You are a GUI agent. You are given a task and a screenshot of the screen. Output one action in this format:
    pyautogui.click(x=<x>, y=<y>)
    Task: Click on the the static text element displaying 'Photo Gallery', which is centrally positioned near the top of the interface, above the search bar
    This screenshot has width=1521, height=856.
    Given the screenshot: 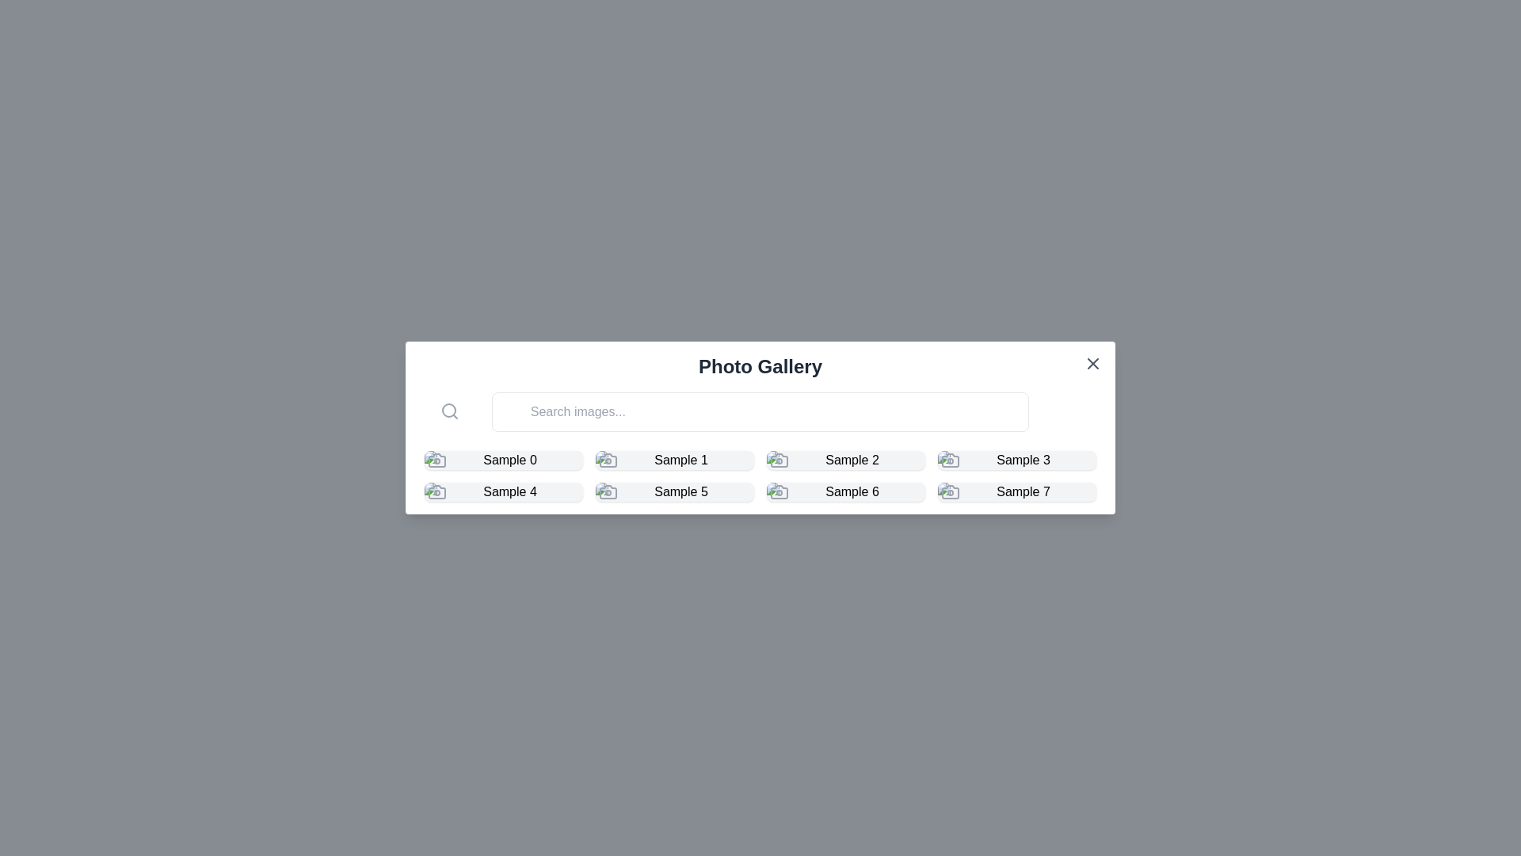 What is the action you would take?
    pyautogui.click(x=760, y=366)
    